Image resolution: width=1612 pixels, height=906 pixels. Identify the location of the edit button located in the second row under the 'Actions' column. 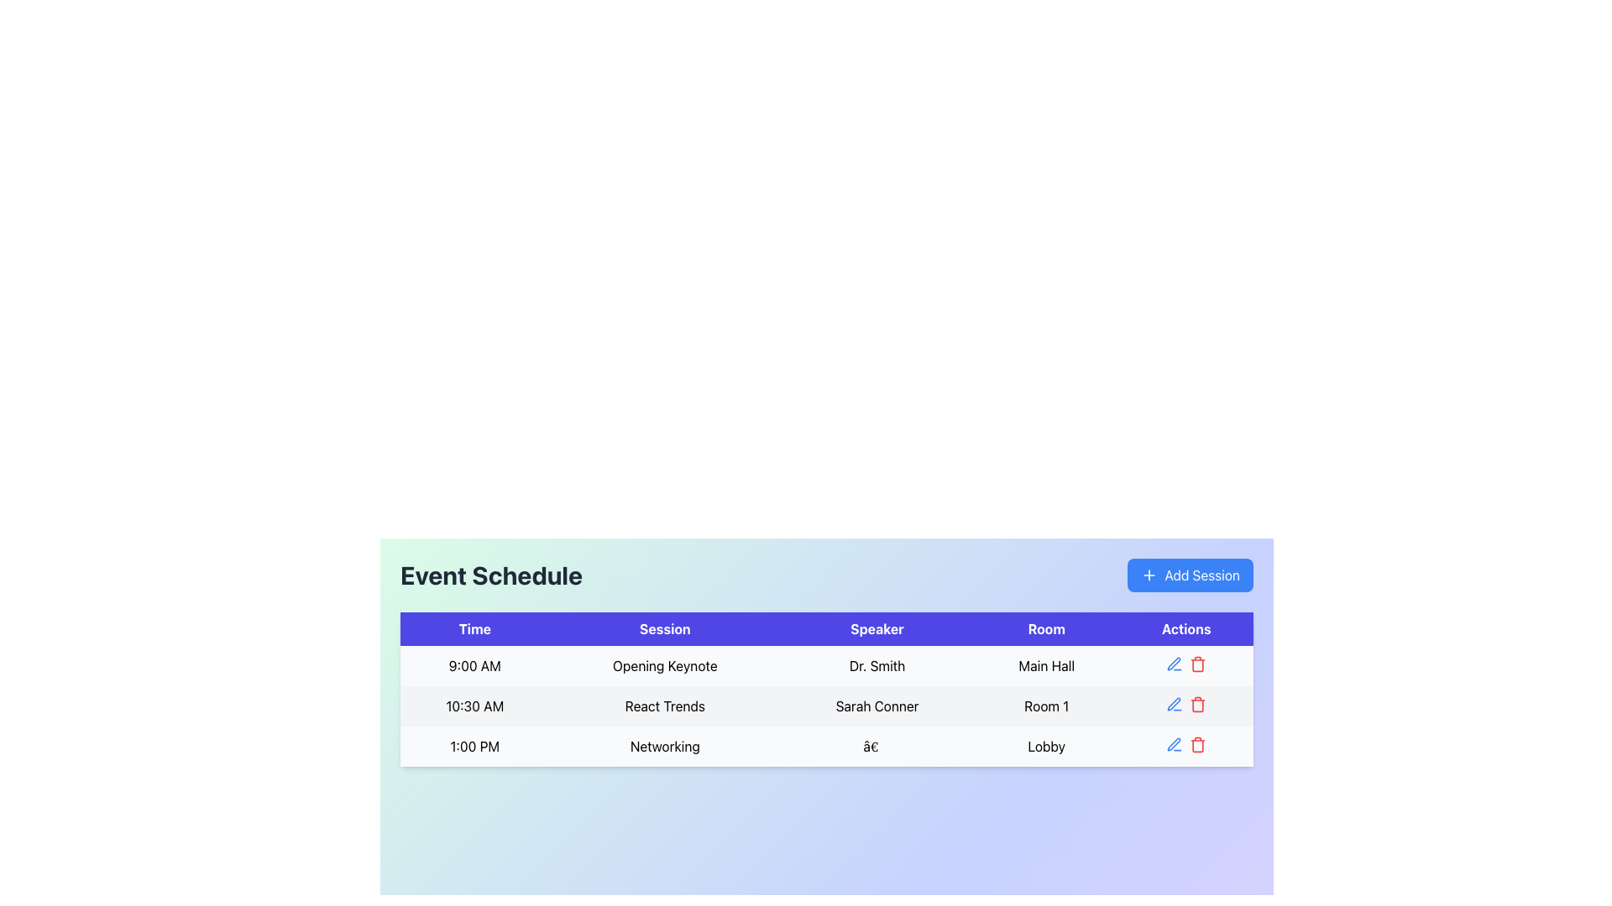
(1174, 705).